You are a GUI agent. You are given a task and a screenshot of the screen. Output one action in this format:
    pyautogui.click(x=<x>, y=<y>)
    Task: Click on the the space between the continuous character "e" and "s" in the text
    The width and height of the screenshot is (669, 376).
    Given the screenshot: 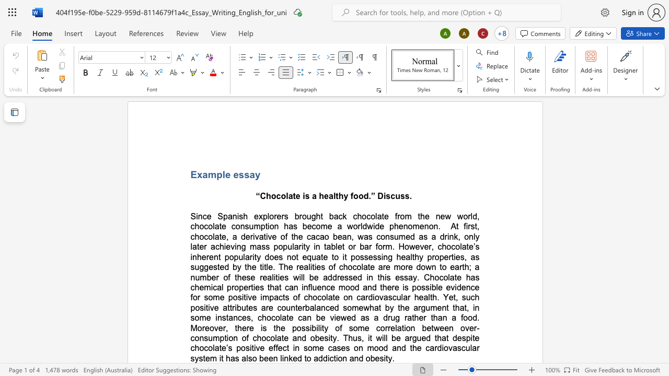 What is the action you would take?
    pyautogui.click(x=238, y=174)
    